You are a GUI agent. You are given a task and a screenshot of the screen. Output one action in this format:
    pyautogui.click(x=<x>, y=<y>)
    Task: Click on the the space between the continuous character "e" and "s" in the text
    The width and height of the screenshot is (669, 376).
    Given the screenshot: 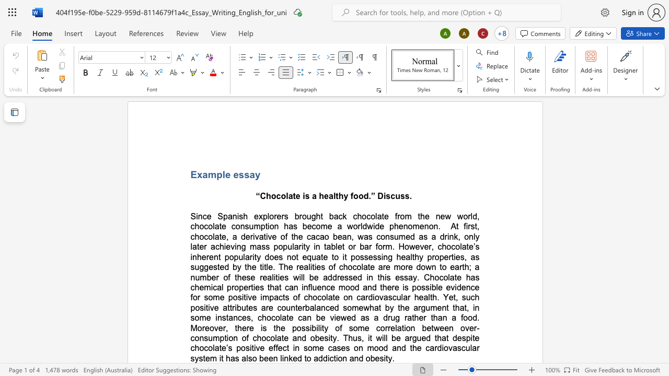 What is the action you would take?
    pyautogui.click(x=238, y=174)
    